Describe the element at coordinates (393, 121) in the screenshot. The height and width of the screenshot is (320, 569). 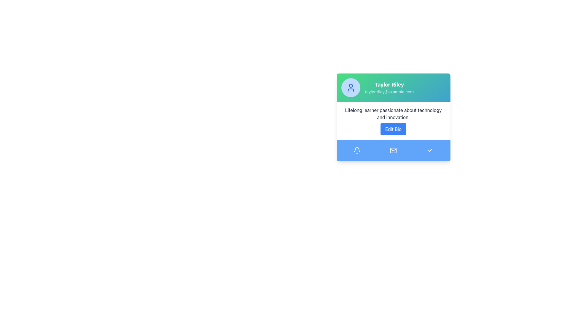
I see `the 'Edit Bio' button located in the center of the content block styled with a gradient background, below the title 'Taylor Riley' and the email 'taylor.riley@example.com', to initiate editing` at that location.